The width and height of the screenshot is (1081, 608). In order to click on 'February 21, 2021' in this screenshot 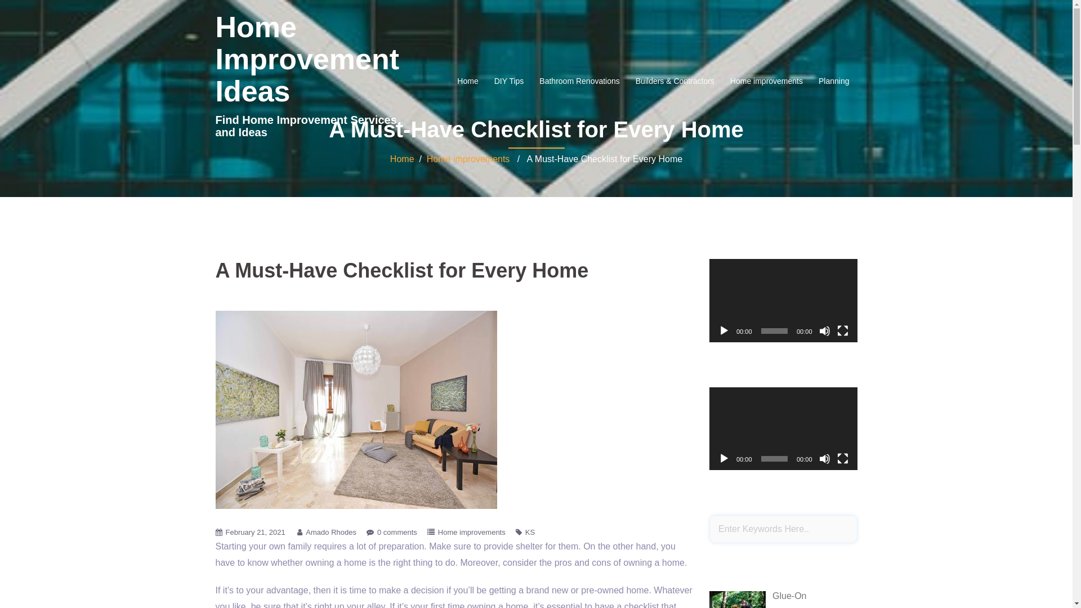, I will do `click(254, 532)`.